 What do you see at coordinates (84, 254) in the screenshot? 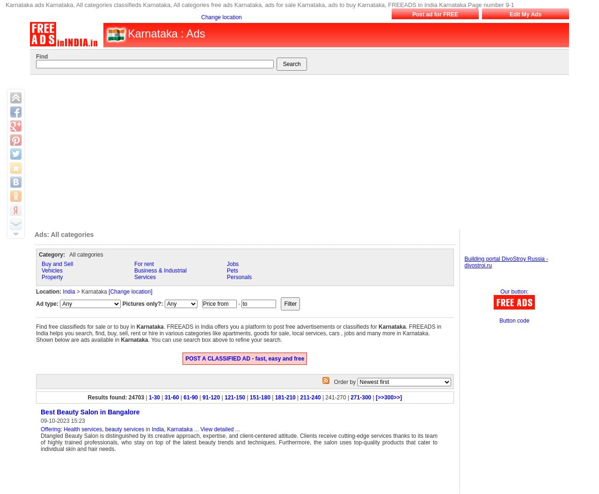
I see `'All categories'` at bounding box center [84, 254].